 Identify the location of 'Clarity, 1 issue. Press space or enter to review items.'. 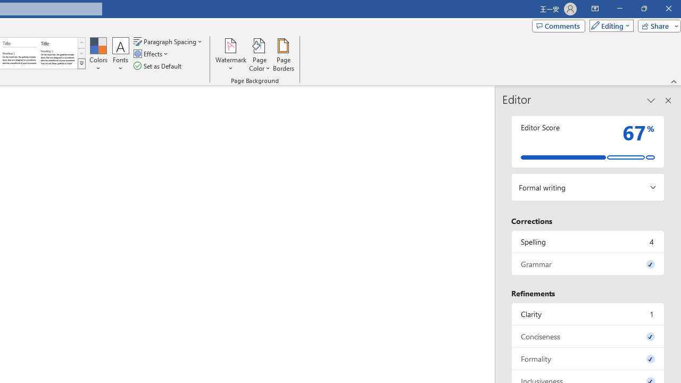
(587, 313).